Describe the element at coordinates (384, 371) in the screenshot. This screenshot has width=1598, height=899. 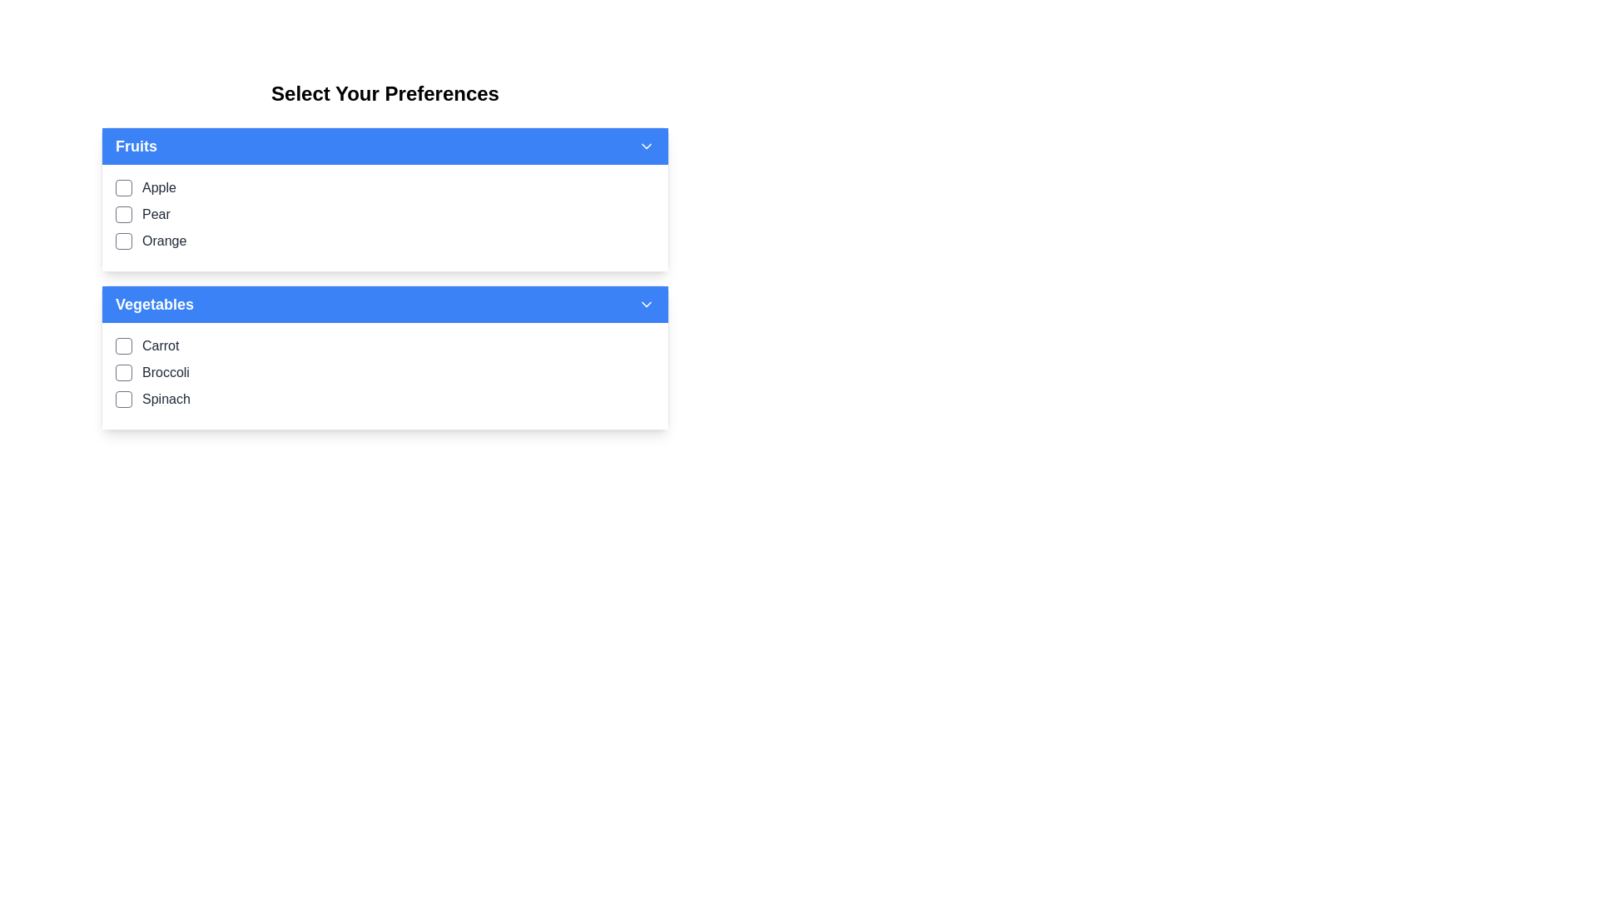
I see `the selectable list item labeled 'Broccoli' with a checkbox in the 'Vegetables' section` at that location.